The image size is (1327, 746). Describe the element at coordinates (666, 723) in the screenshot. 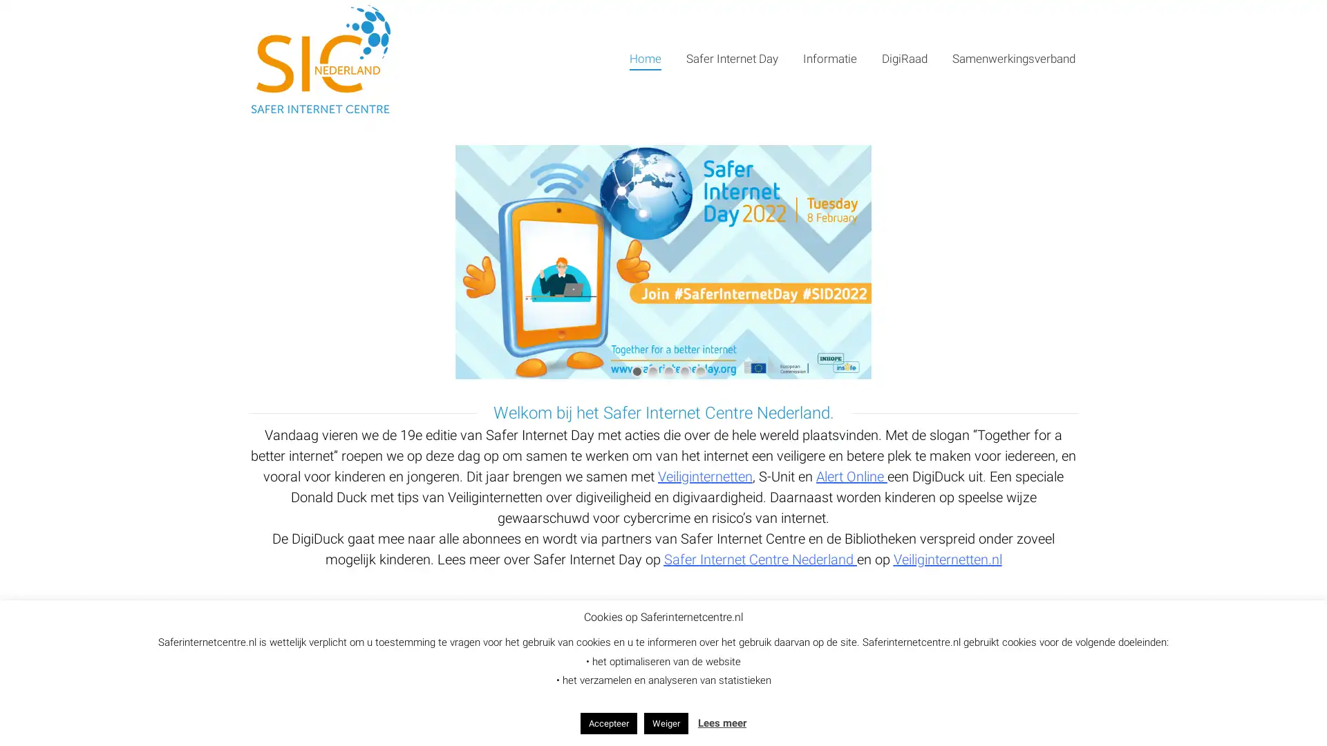

I see `Weiger` at that location.